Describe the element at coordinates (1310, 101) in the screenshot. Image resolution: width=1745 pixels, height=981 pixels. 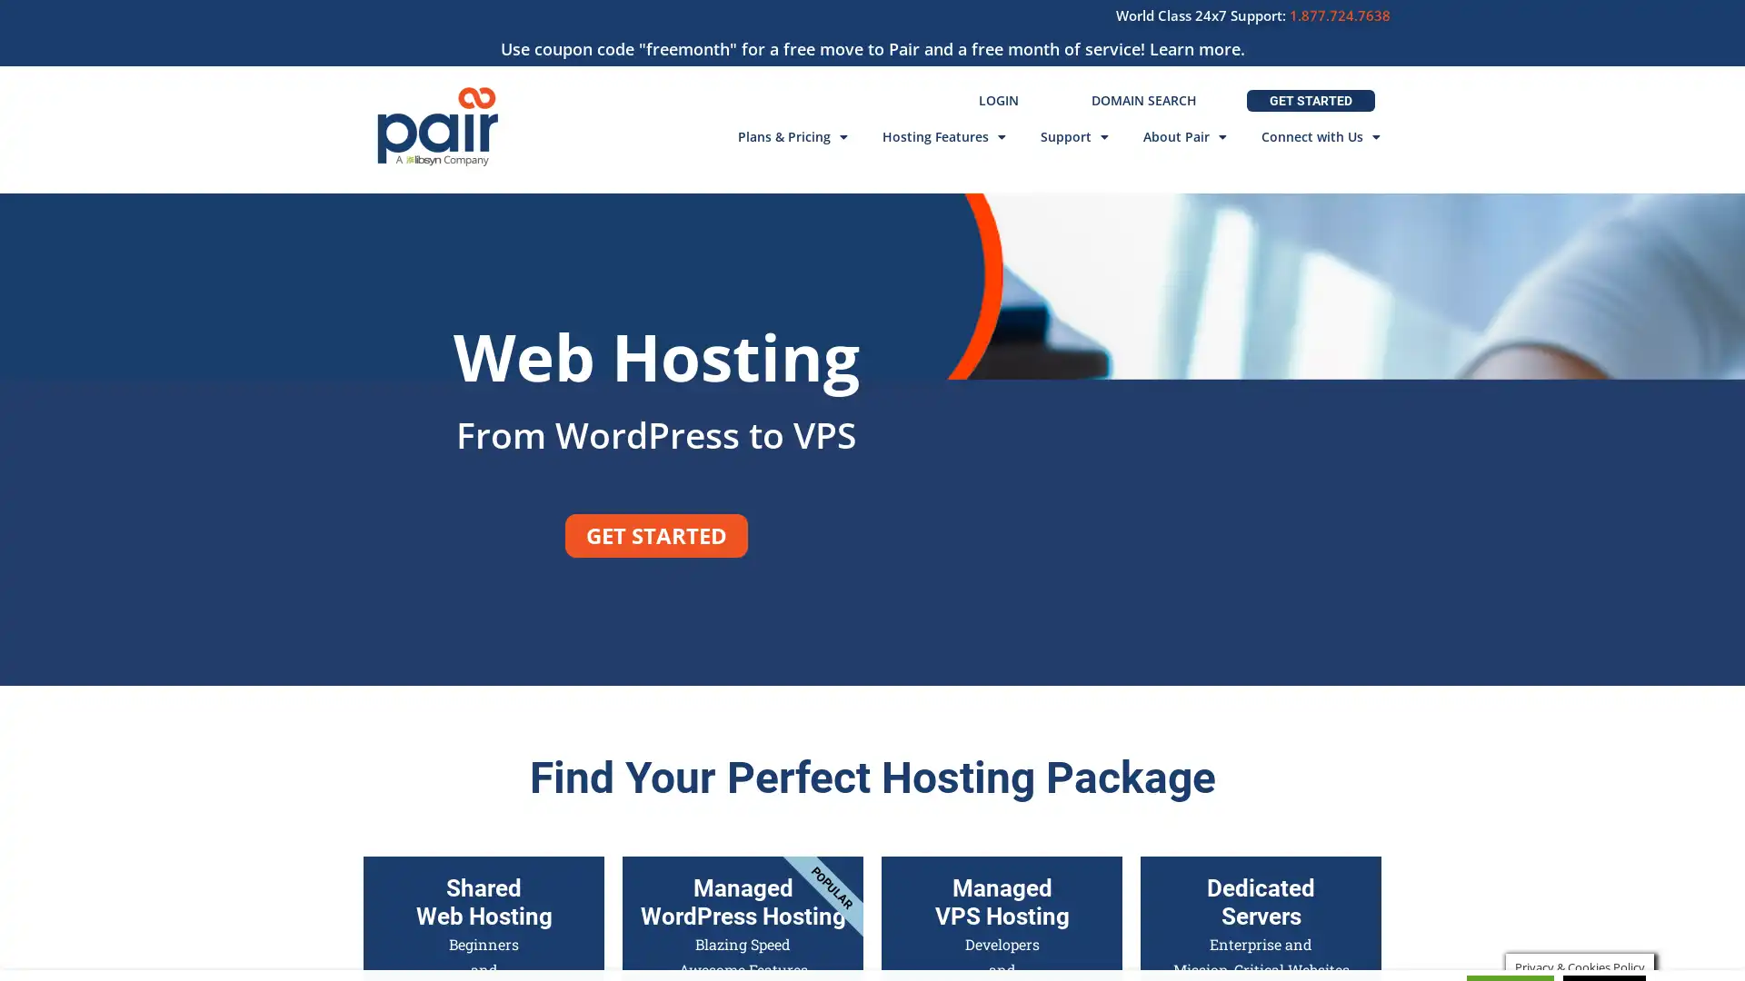
I see `GET STARTED` at that location.